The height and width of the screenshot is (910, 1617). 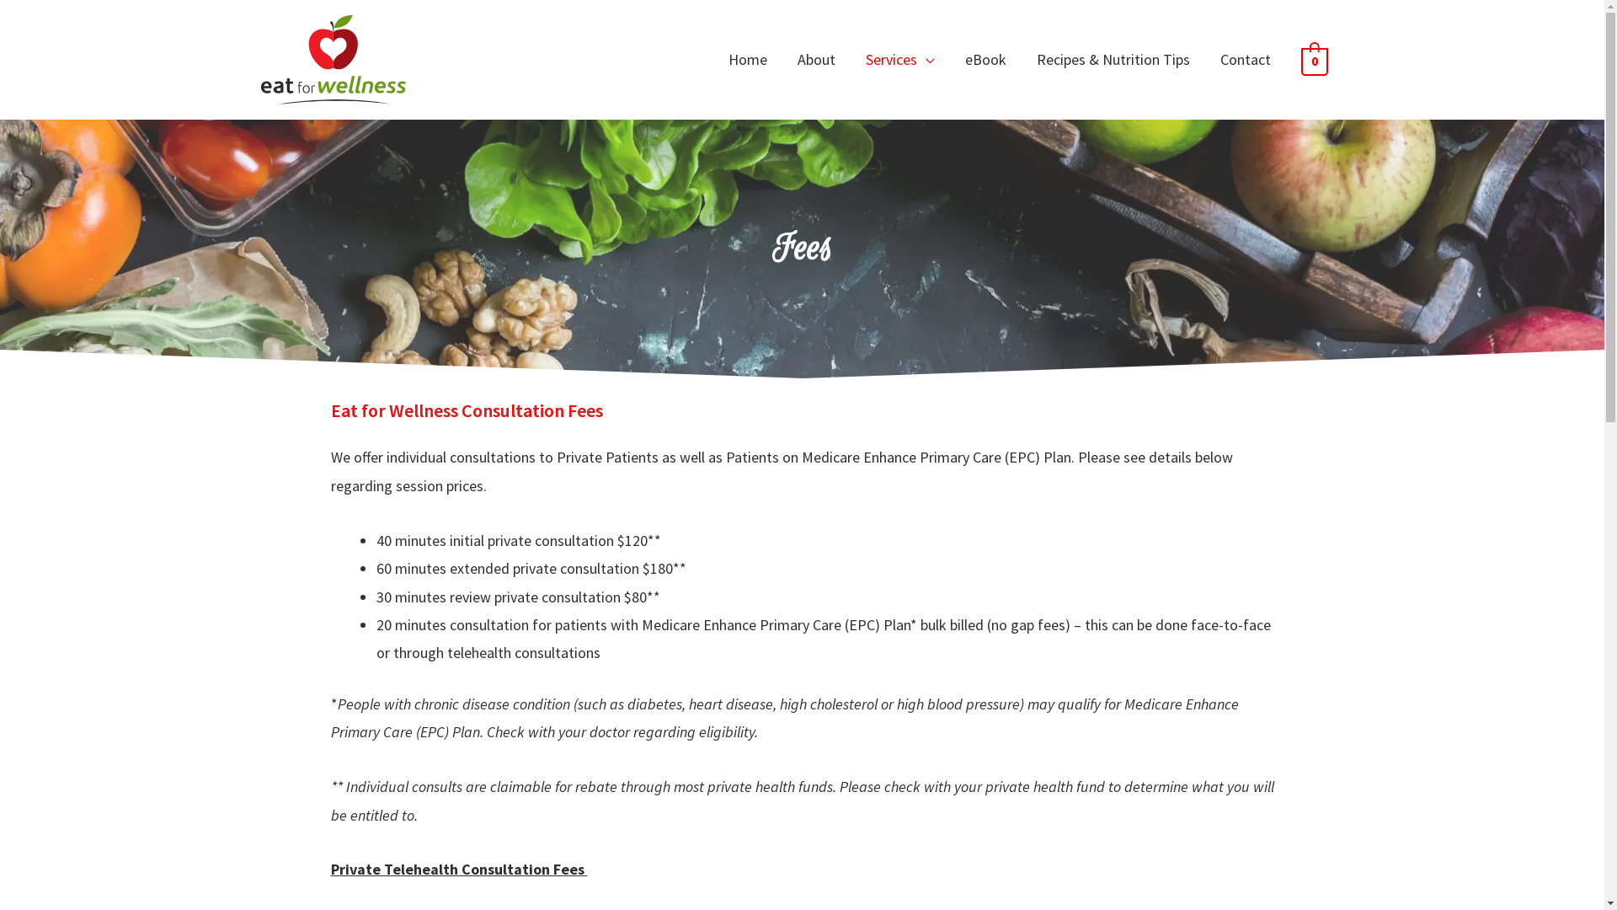 What do you see at coordinates (1299, 59) in the screenshot?
I see `'0'` at bounding box center [1299, 59].